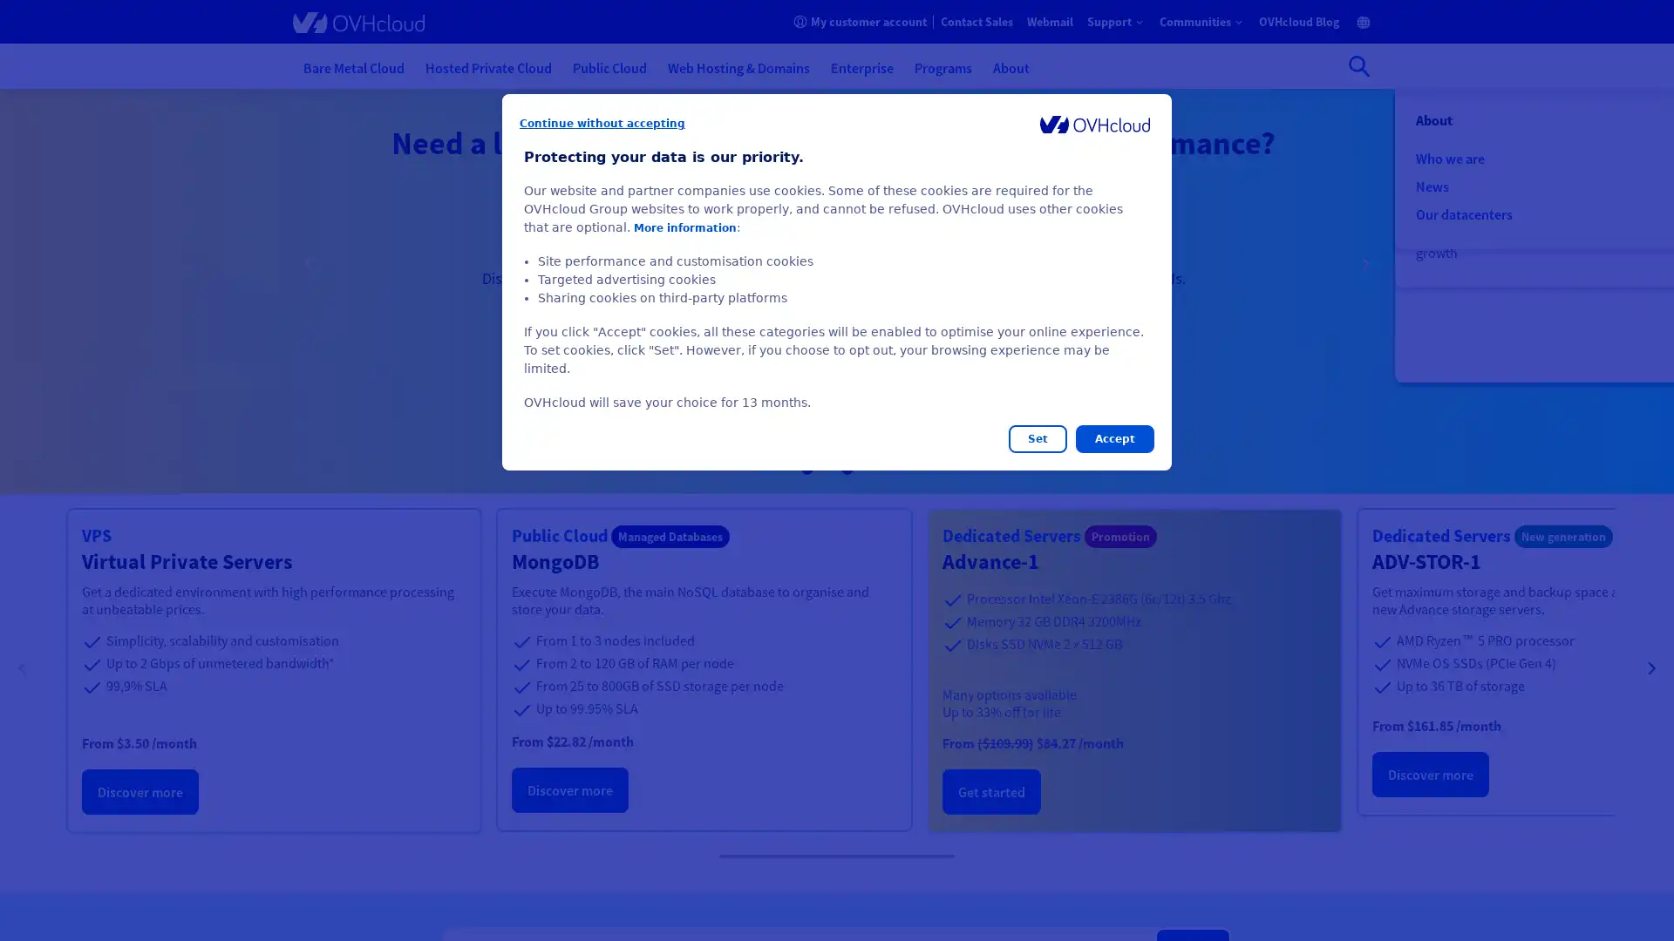 The height and width of the screenshot is (941, 1674). I want to click on Previous, so click(309, 265).